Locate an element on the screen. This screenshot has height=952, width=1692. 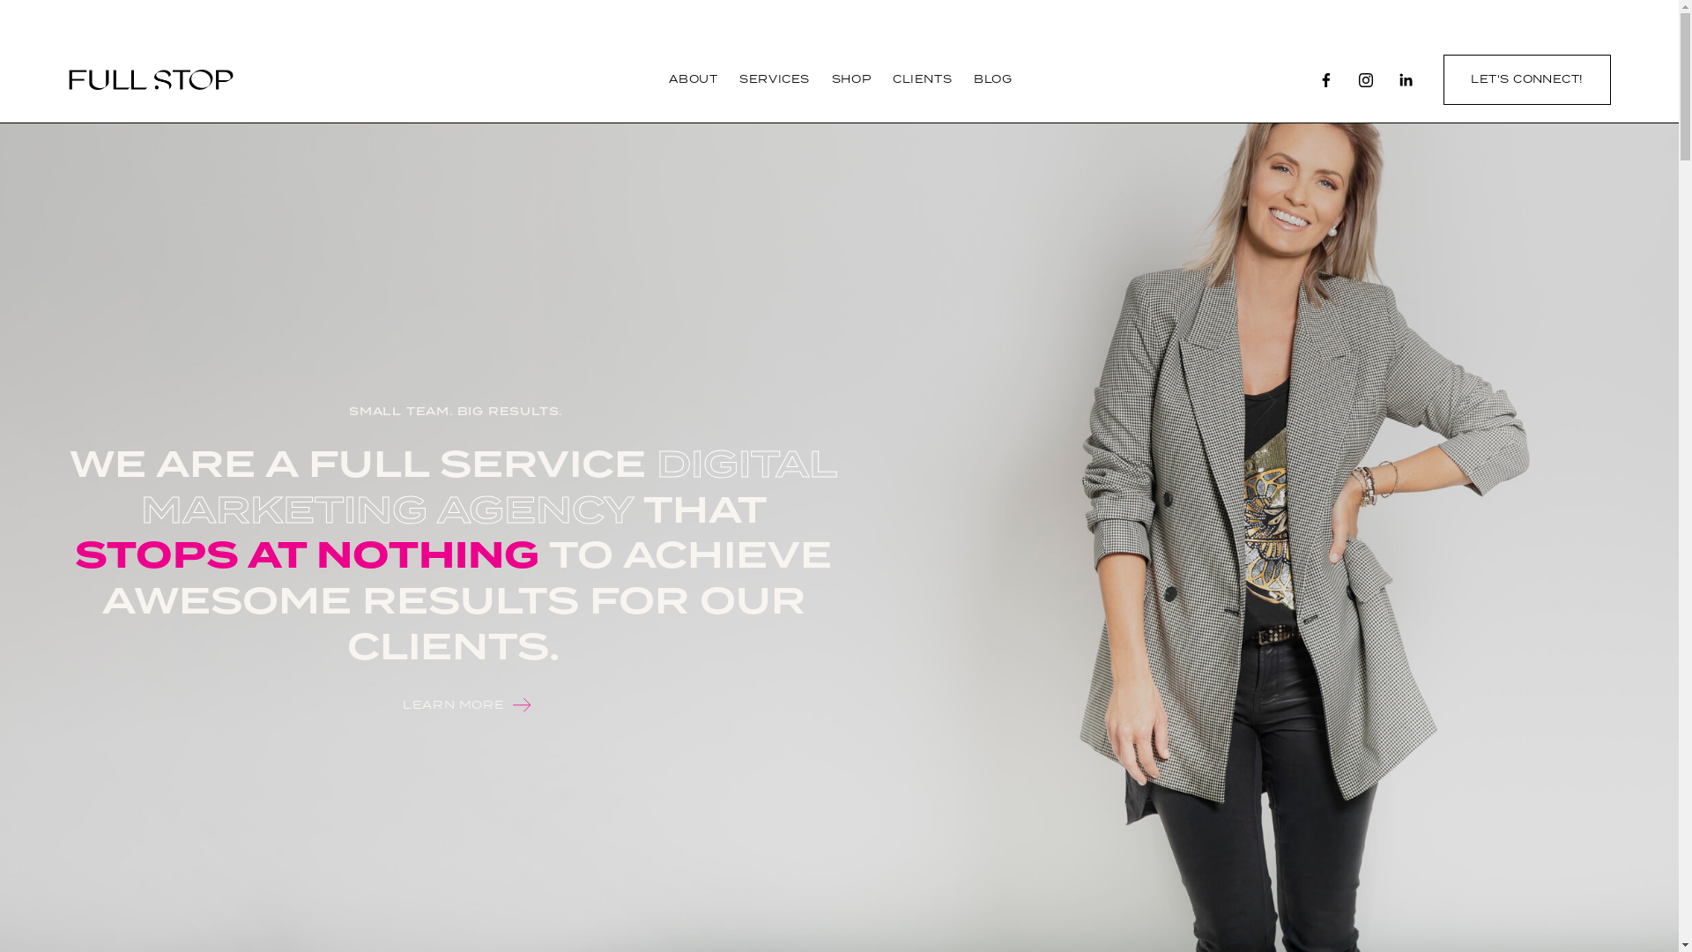
'SHOP' is located at coordinates (850, 80).